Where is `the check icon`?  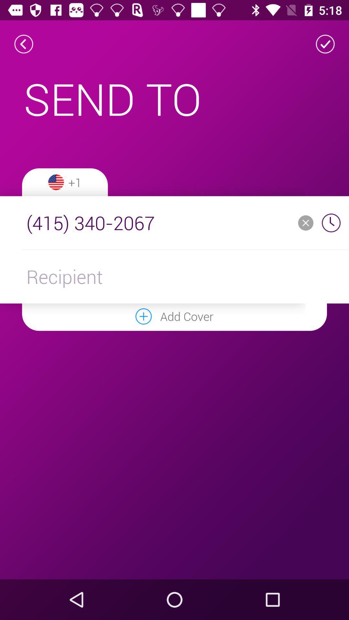 the check icon is located at coordinates (325, 44).